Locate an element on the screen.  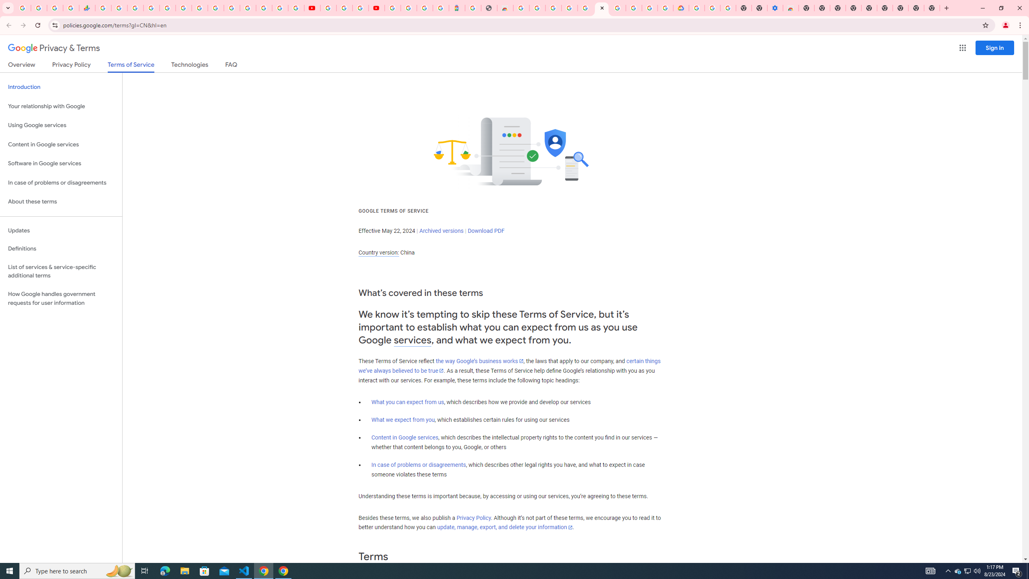
'update, manage, export, and delete your information' is located at coordinates (504, 527).